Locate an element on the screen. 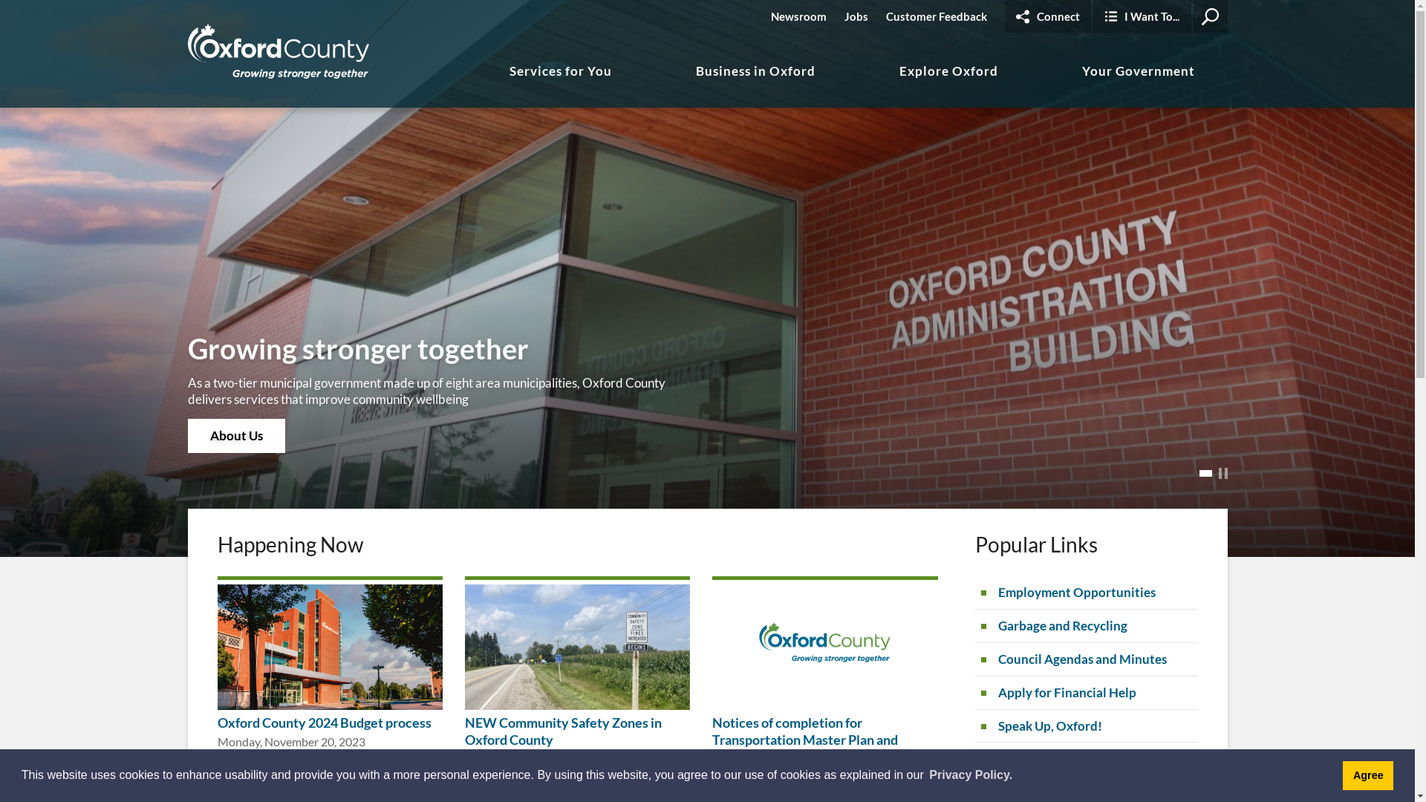 The image size is (1426, 802). 'Privacy Policy.' is located at coordinates (970, 775).